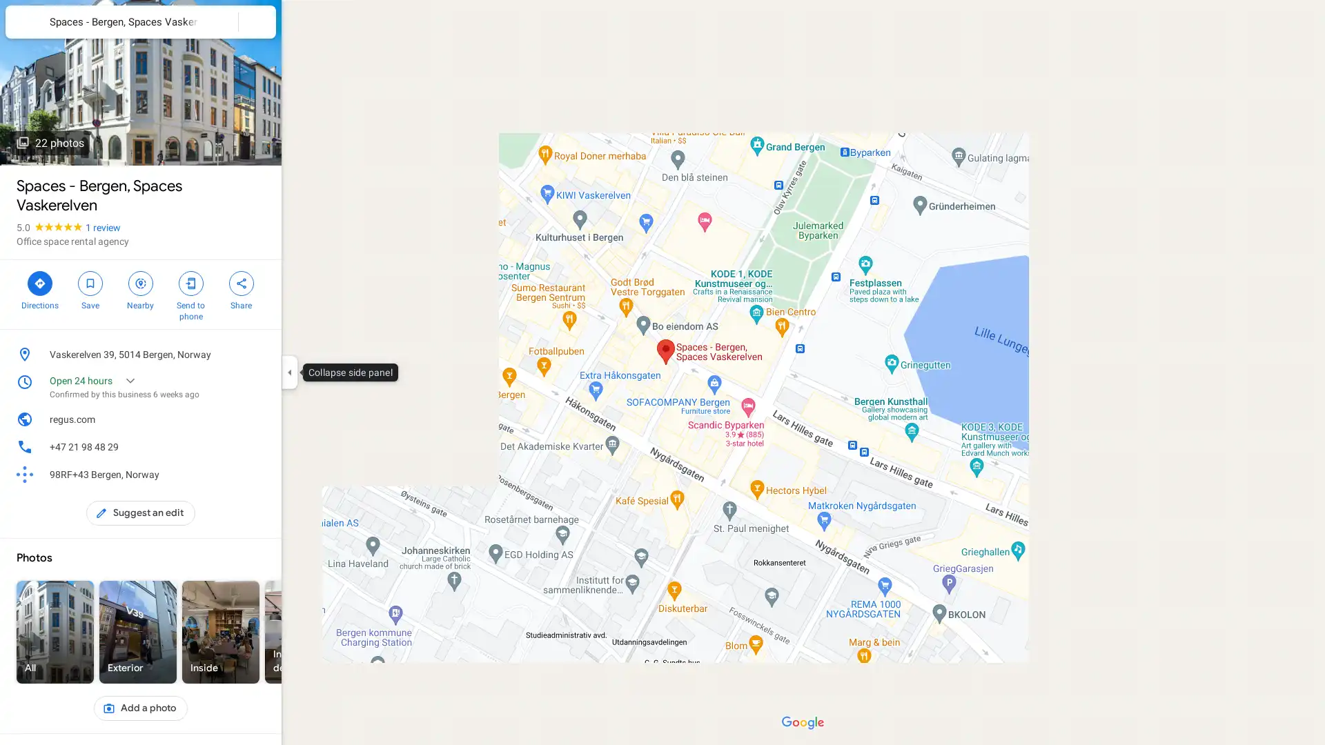 Image resolution: width=1325 pixels, height=745 pixels. What do you see at coordinates (140, 708) in the screenshot?
I see `Add a photo` at bounding box center [140, 708].